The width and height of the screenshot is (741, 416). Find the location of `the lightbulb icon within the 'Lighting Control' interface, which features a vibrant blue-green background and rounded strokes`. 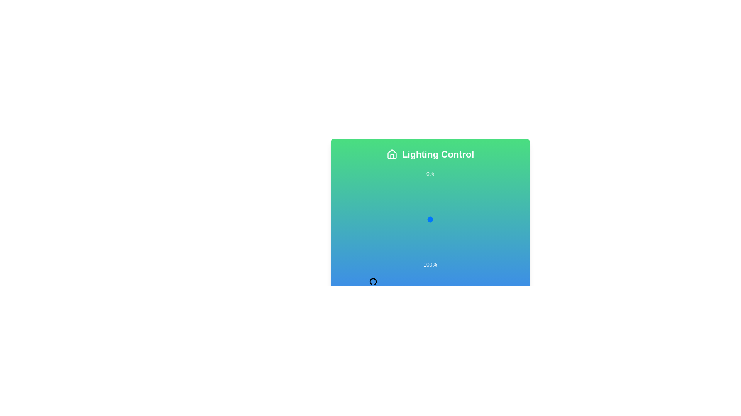

the lightbulb icon within the 'Lighting Control' interface, which features a vibrant blue-green background and rounded strokes is located at coordinates (373, 282).